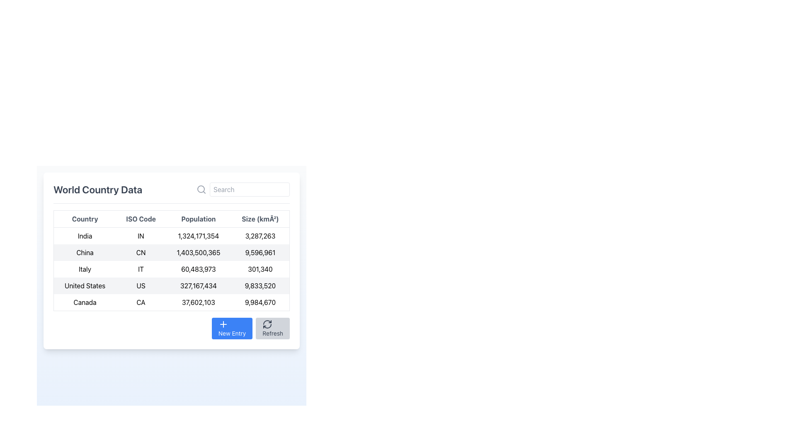 This screenshot has width=796, height=448. Describe the element at coordinates (198, 302) in the screenshot. I see `the static text displaying the population of Canada, located in the 'Population' column of the table` at that location.